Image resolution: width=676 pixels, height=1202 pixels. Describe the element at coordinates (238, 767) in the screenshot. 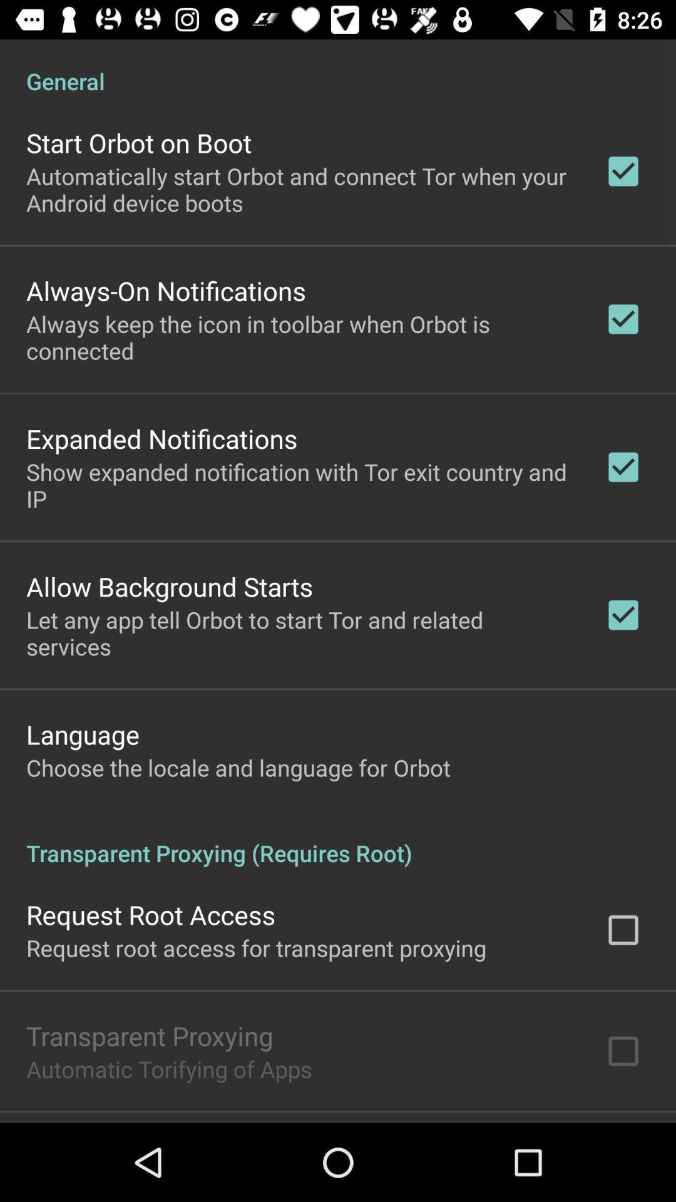

I see `the item above the transparent proxying requires icon` at that location.